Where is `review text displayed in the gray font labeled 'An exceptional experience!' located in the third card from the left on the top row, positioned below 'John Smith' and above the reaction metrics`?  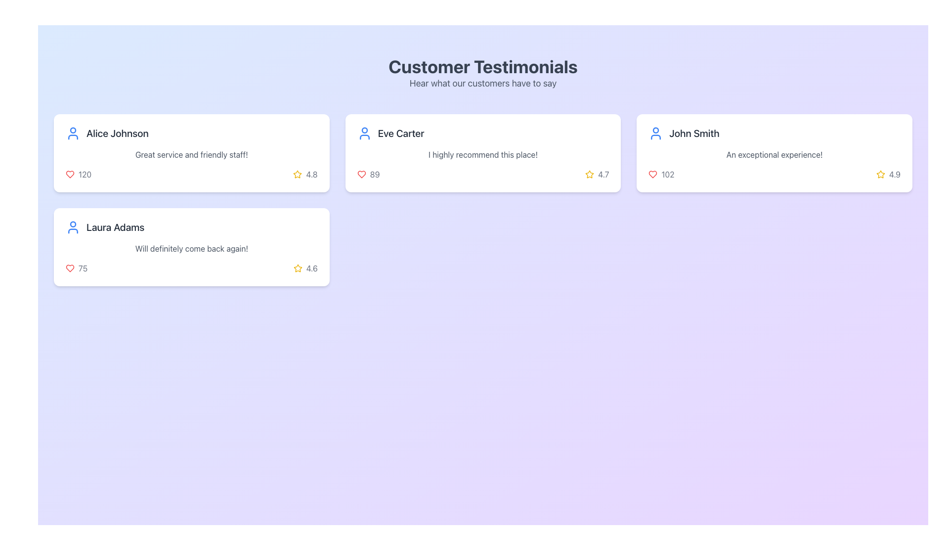
review text displayed in the gray font labeled 'An exceptional experience!' located in the third card from the left on the top row, positioned below 'John Smith' and above the reaction metrics is located at coordinates (774, 154).